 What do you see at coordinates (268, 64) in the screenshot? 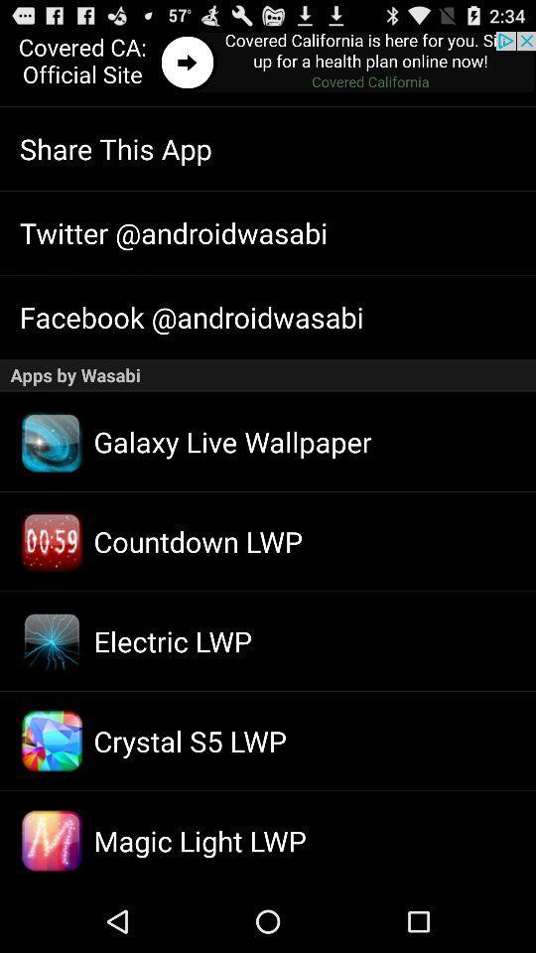
I see `advertisements` at bounding box center [268, 64].